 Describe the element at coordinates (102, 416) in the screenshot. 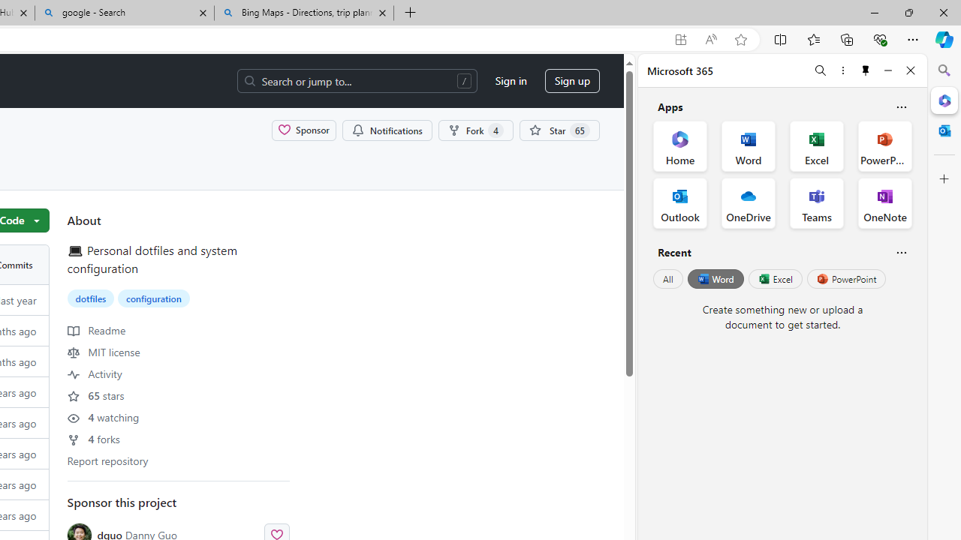

I see `'4 watching'` at that location.